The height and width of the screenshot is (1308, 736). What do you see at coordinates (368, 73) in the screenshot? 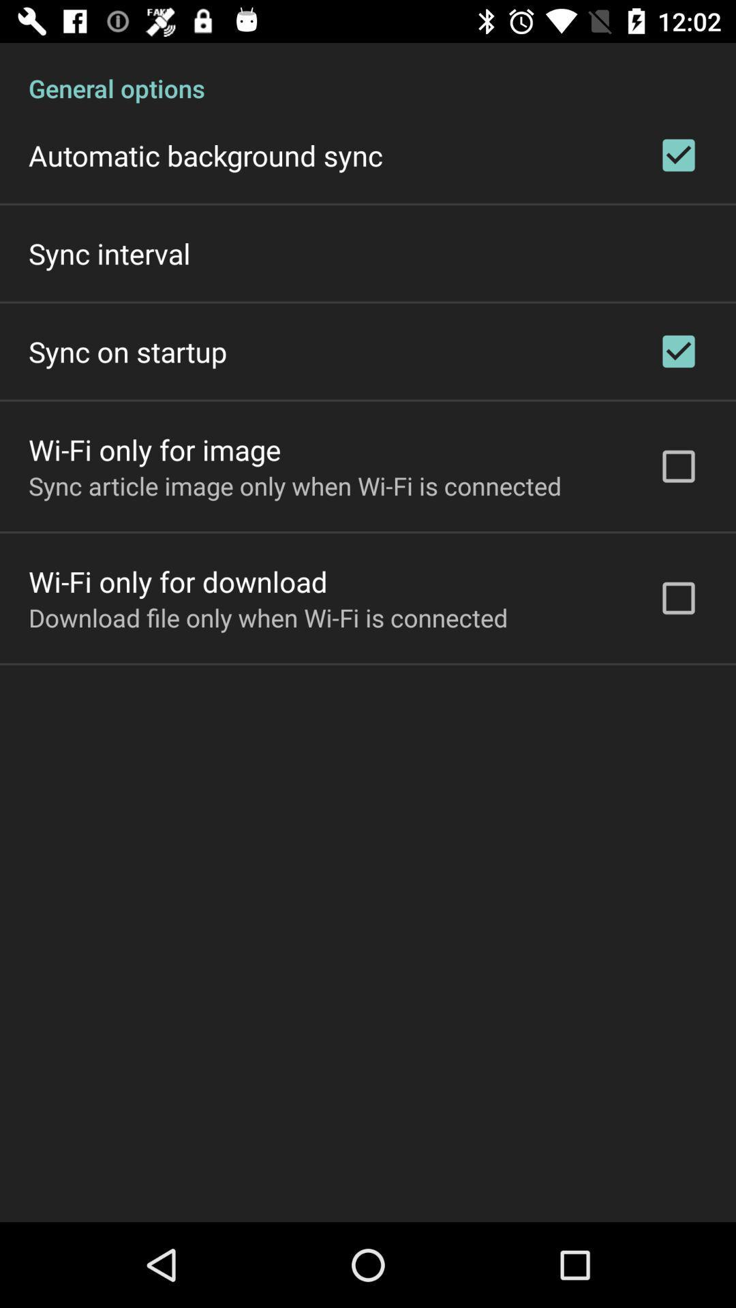
I see `the general options item` at bounding box center [368, 73].